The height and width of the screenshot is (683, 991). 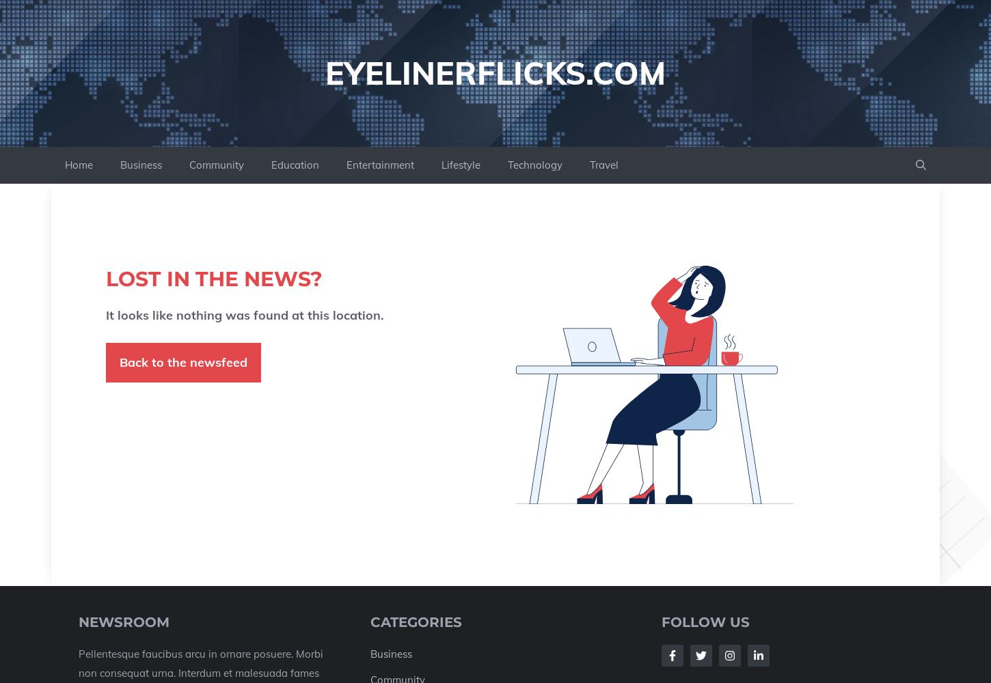 What do you see at coordinates (64, 164) in the screenshot?
I see `'Home'` at bounding box center [64, 164].